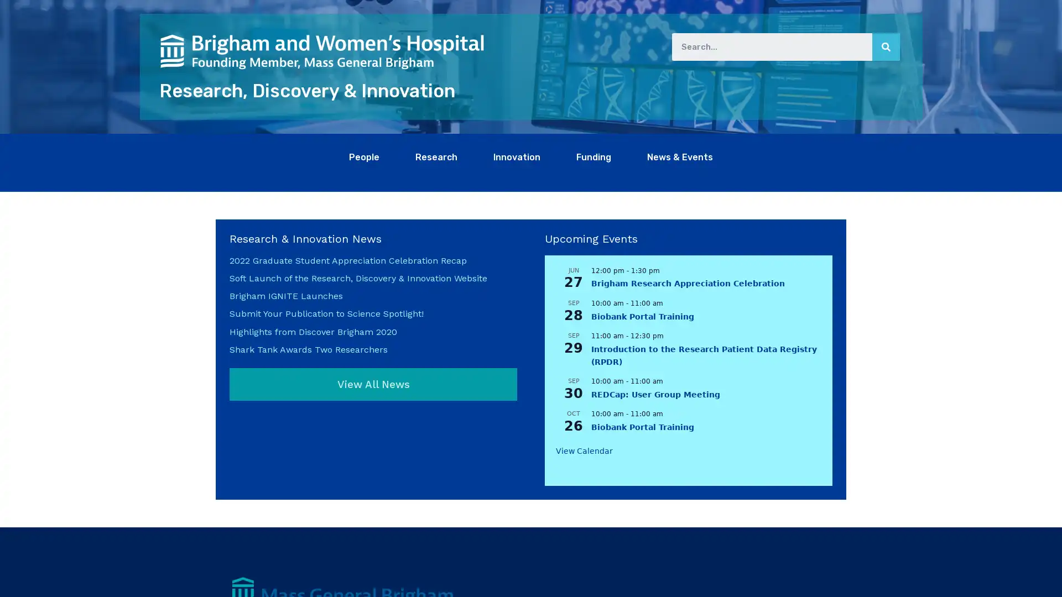 The image size is (1062, 597). Describe the element at coordinates (886, 46) in the screenshot. I see `Search` at that location.